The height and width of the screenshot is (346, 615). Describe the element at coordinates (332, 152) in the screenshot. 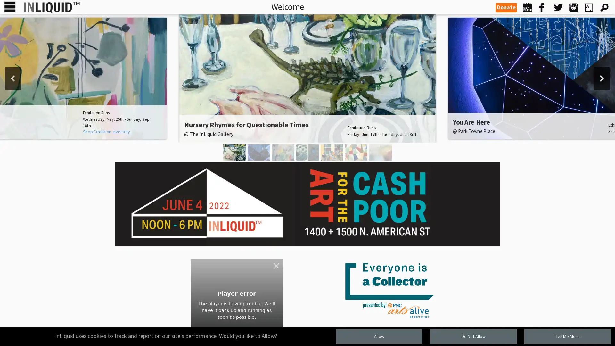

I see `Synesthesia` at that location.